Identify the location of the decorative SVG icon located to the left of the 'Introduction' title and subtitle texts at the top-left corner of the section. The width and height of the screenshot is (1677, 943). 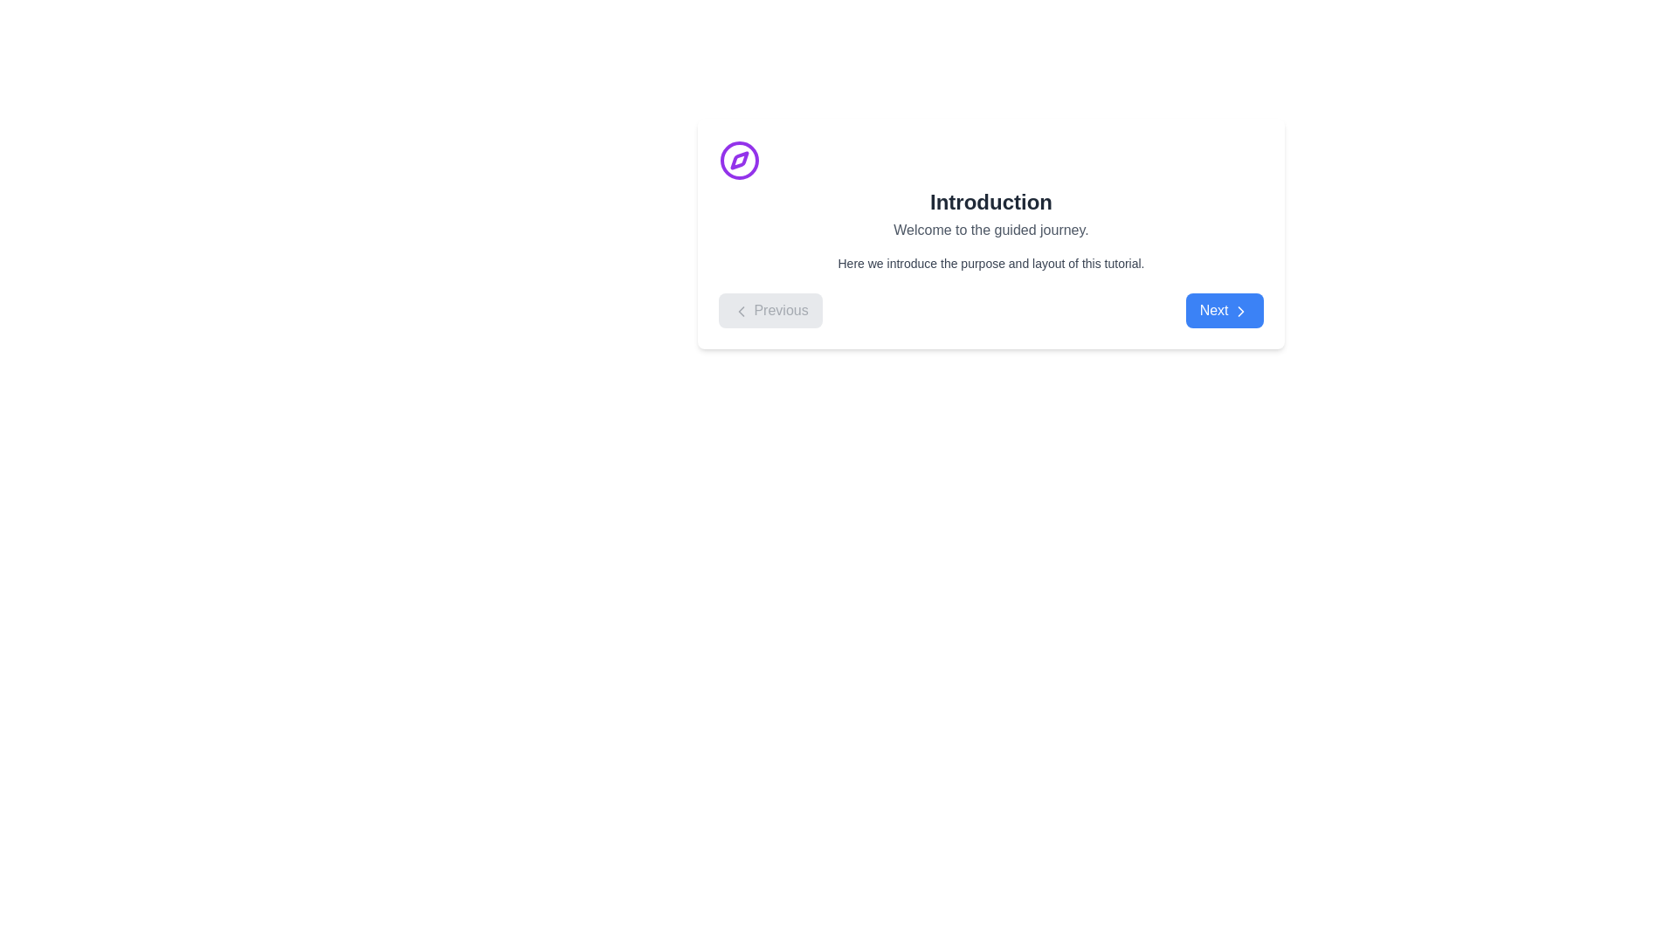
(739, 161).